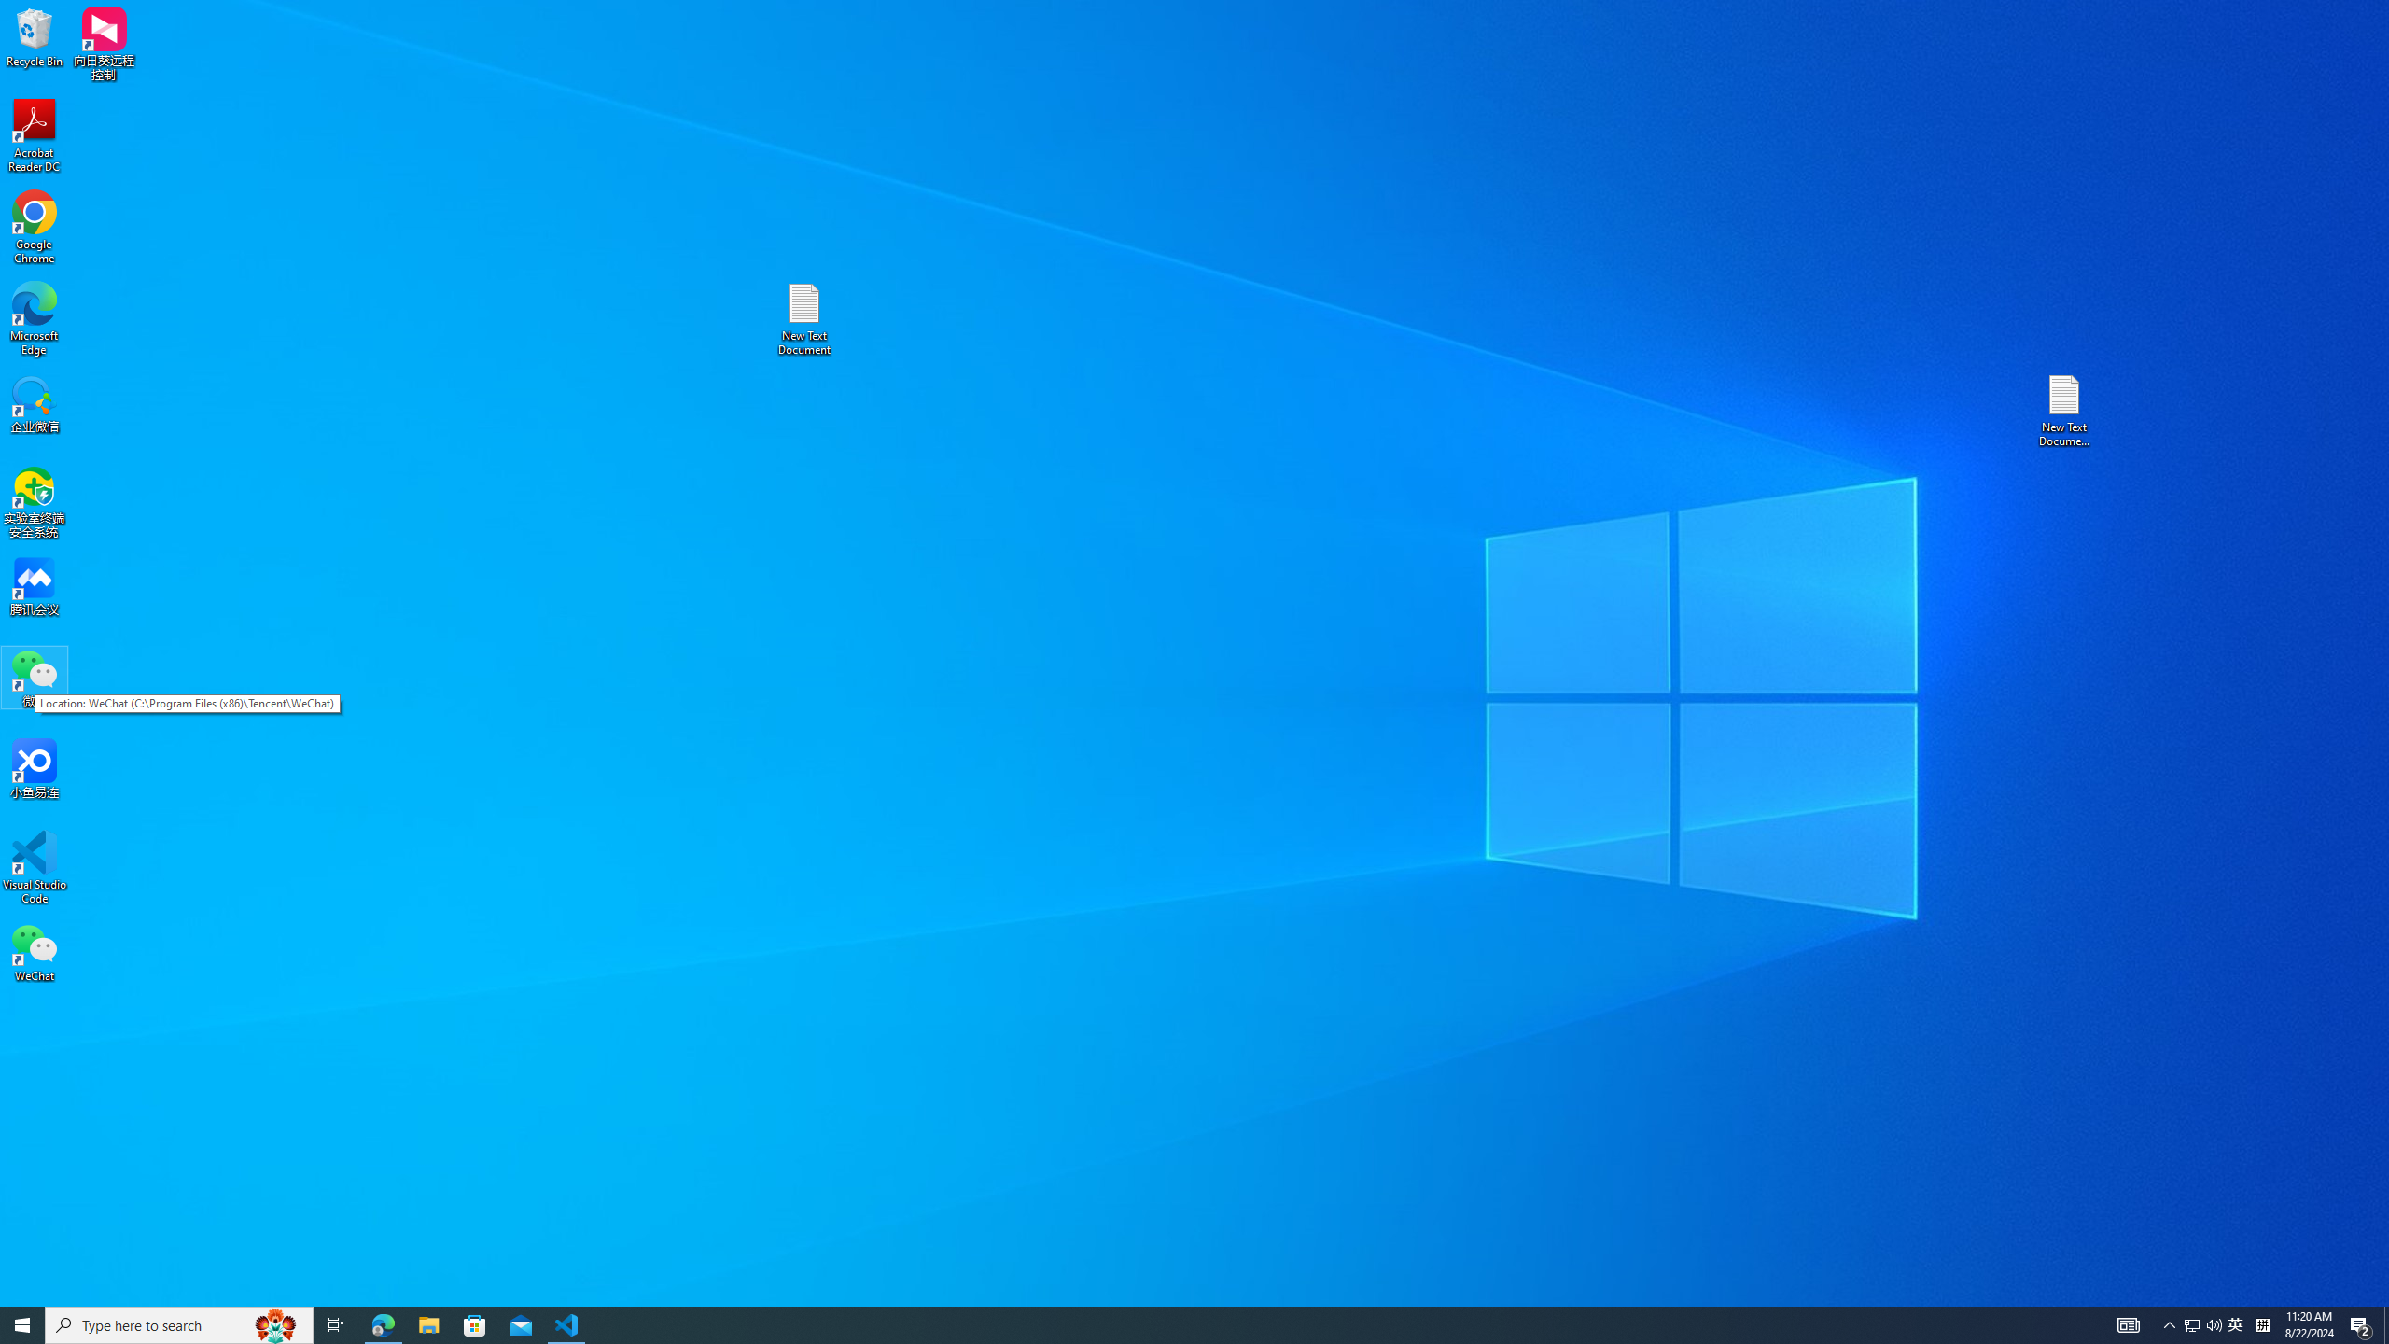 The image size is (2389, 1344). I want to click on 'New Text Document (2)', so click(2065, 409).